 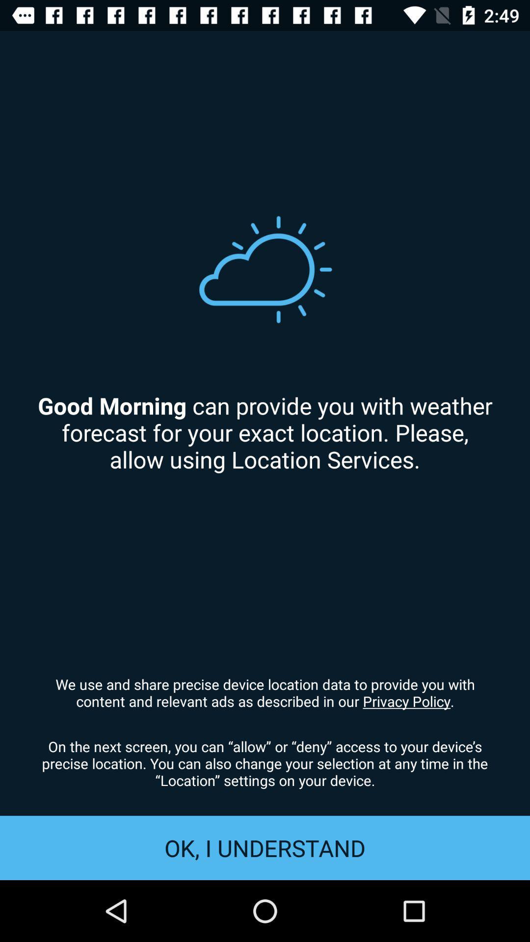 I want to click on the ok, i understand, so click(x=265, y=847).